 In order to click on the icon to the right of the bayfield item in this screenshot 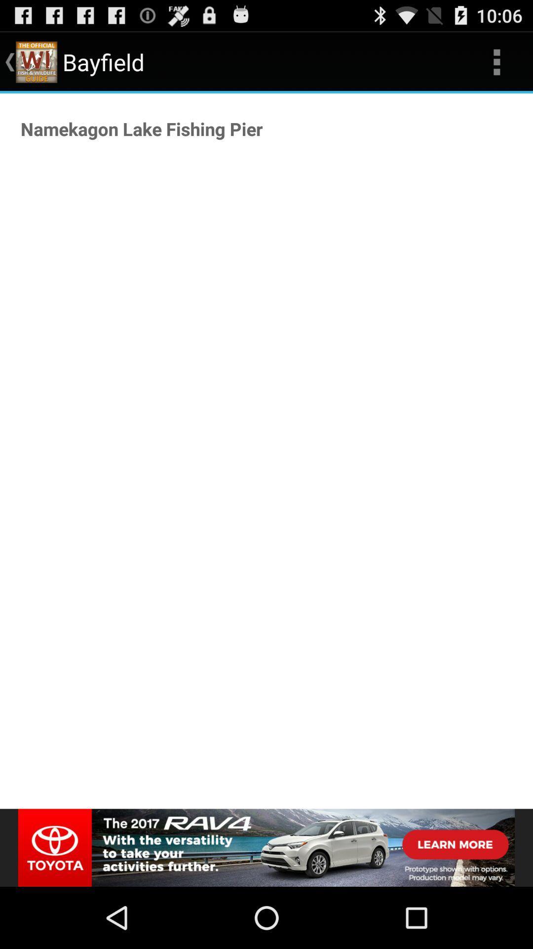, I will do `click(496, 61)`.